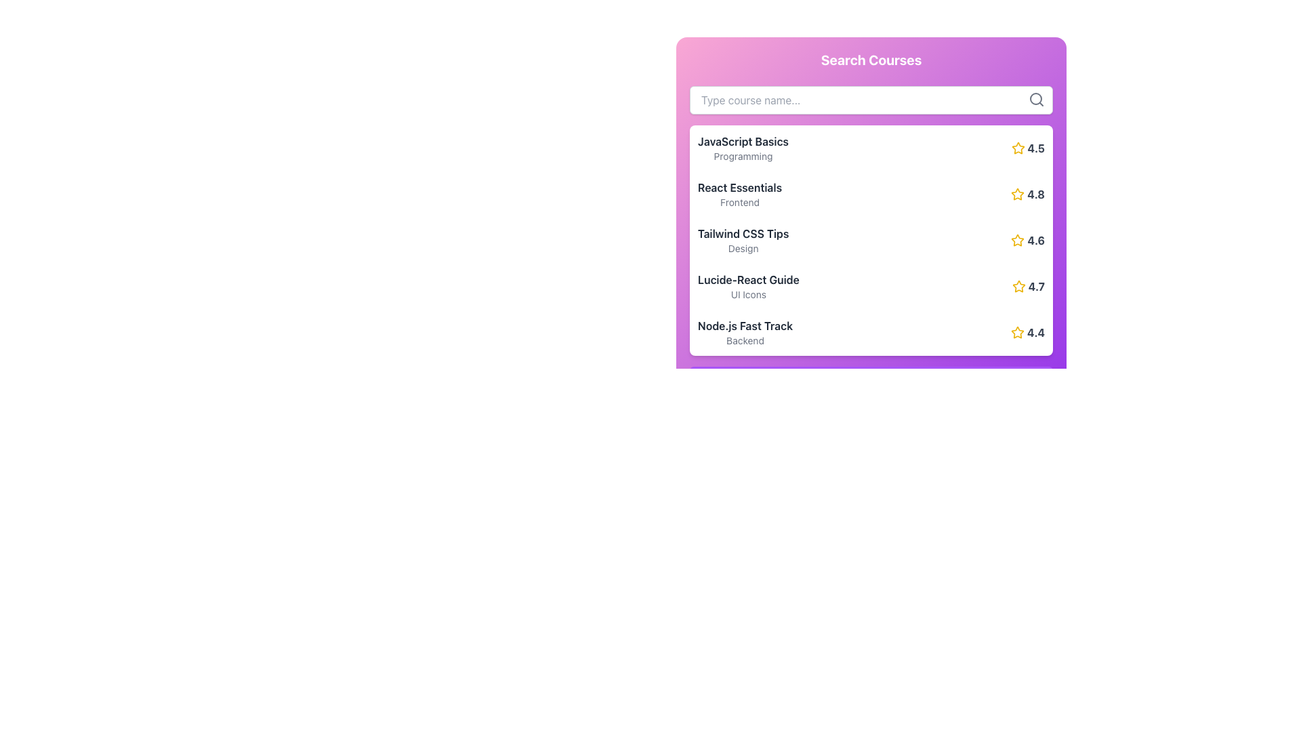 This screenshot has height=732, width=1301. I want to click on the static text label displaying the rating score (4.5) for the first item 'JavaScript Basics' in the list of courses, so click(1035, 148).